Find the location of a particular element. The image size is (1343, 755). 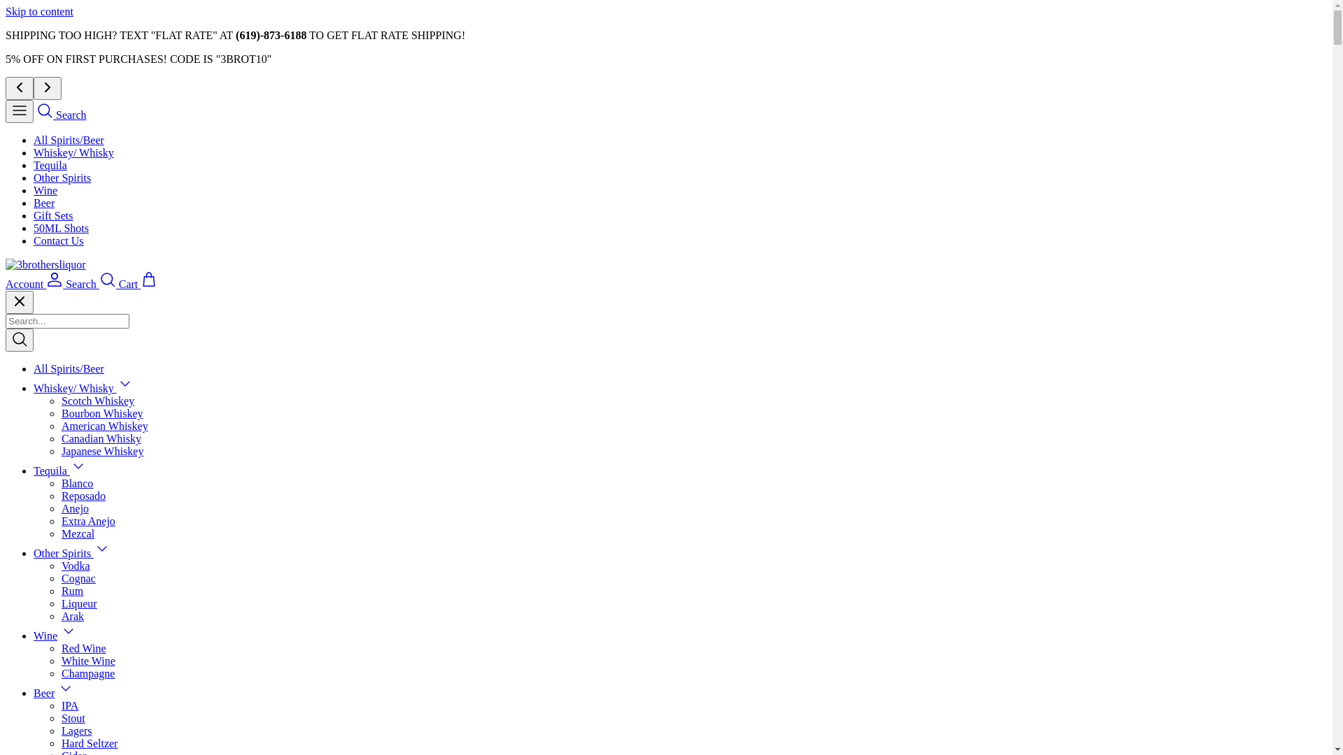

'White Wine' is located at coordinates (60, 661).